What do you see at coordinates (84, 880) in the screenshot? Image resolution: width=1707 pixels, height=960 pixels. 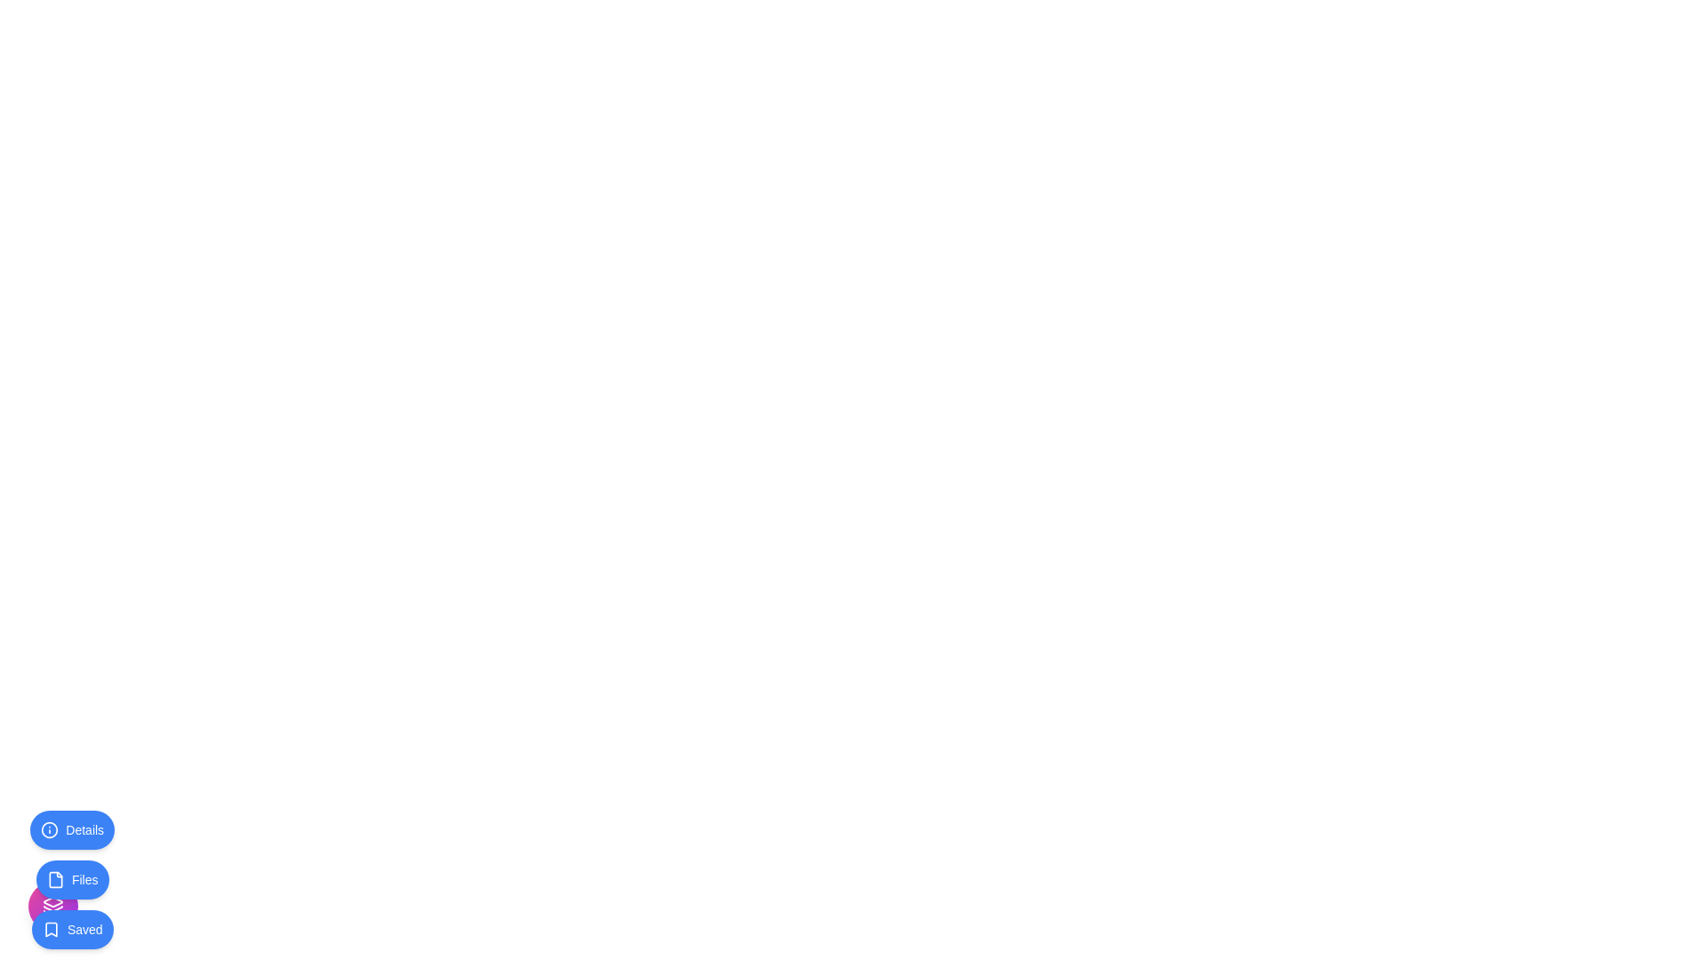 I see `the 'Files' text label, which is styled in small white text and located next to a blue circular button in the bottom-left corner of the interface` at bounding box center [84, 880].